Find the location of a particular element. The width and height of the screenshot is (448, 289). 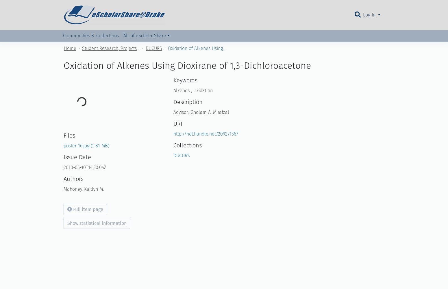

'Oxidation' is located at coordinates (202, 90).